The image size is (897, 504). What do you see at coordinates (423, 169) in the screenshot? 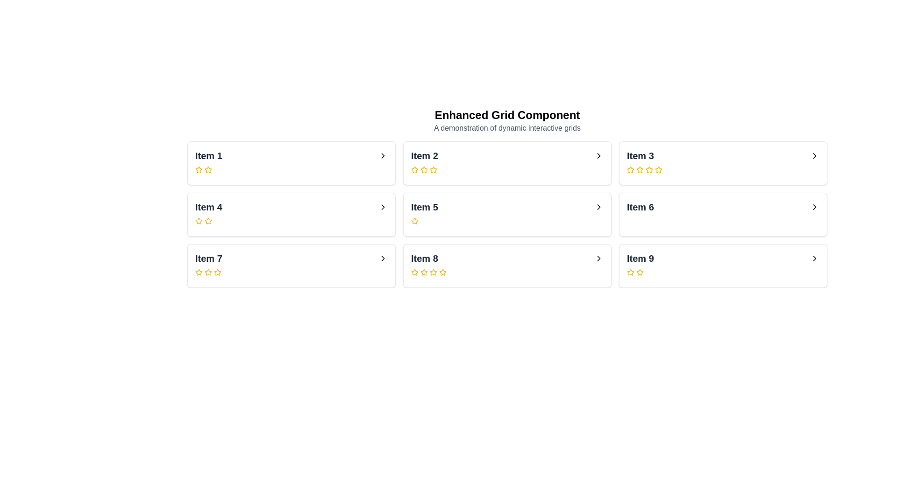
I see `the second star icon, which is a yellow five-pointed star used for rating, located under the text 'Item 2' in the Enhanced Grid Component layout to rate it` at bounding box center [423, 169].